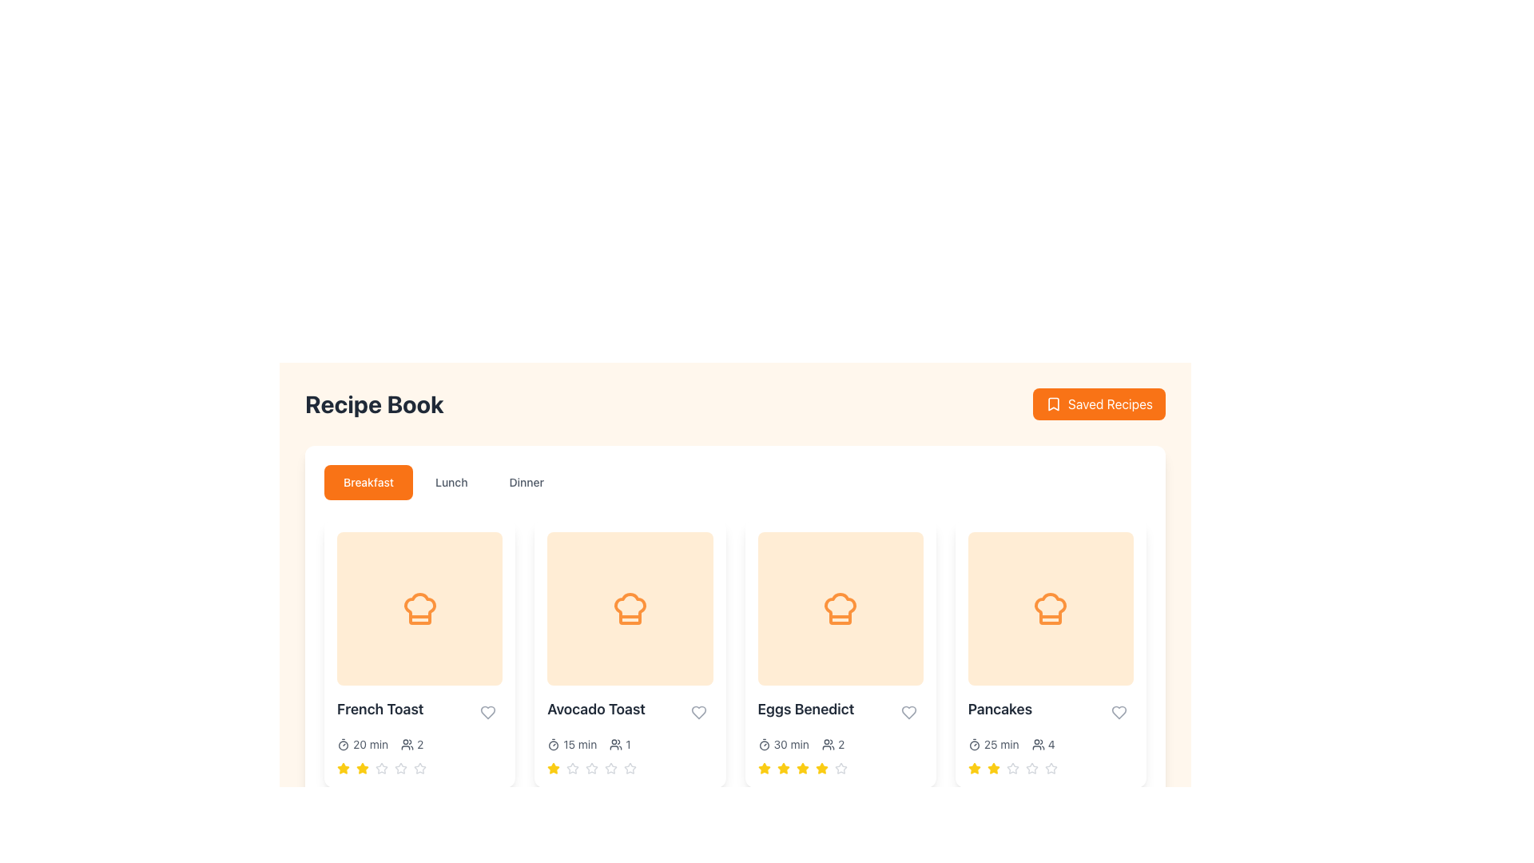 The width and height of the screenshot is (1534, 863). I want to click on the Text indicator displaying the number of servings, specifically the number '2' associated with the user icon in the recipe layout, so click(412, 745).